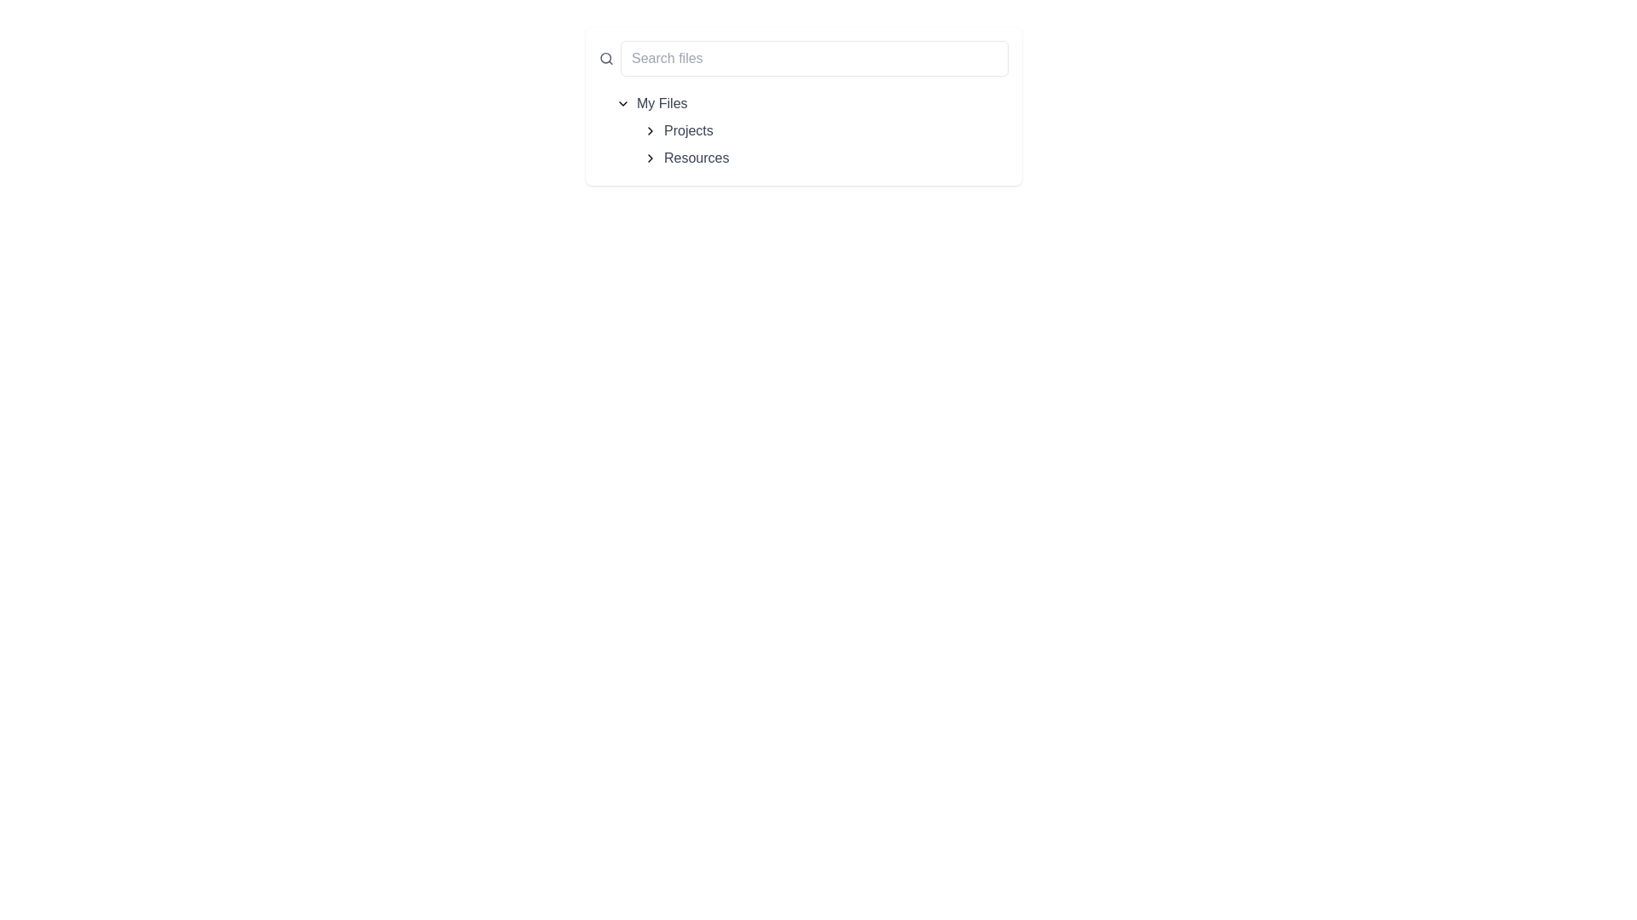 This screenshot has width=1637, height=920. I want to click on the right-facing chevron icon adjacent to the 'Resources' text, so click(650, 158).